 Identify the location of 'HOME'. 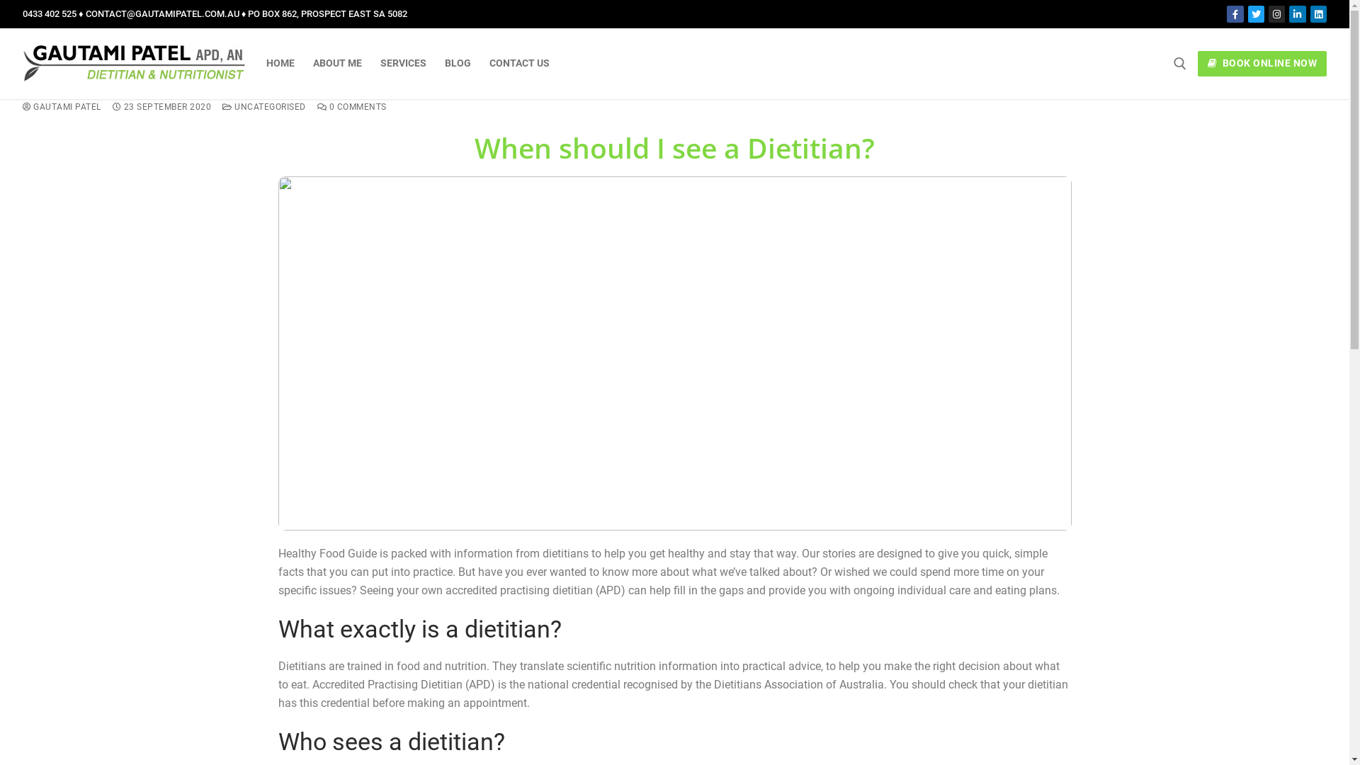
(257, 62).